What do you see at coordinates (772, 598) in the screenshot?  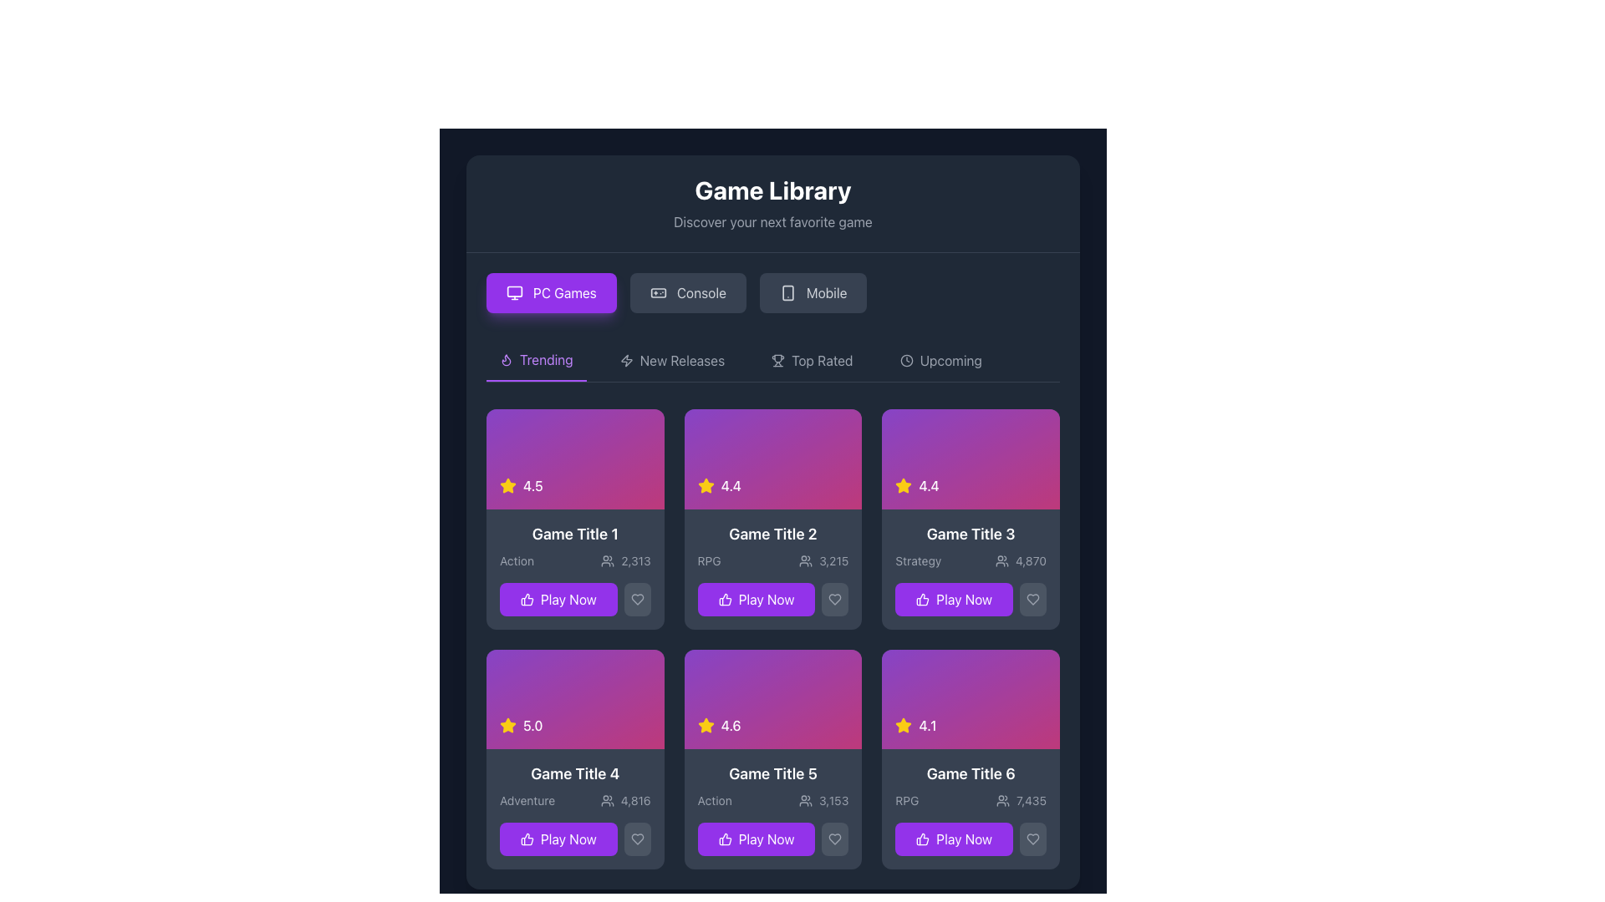 I see `the 'Play Now' button with a vibrant purple background` at bounding box center [772, 598].